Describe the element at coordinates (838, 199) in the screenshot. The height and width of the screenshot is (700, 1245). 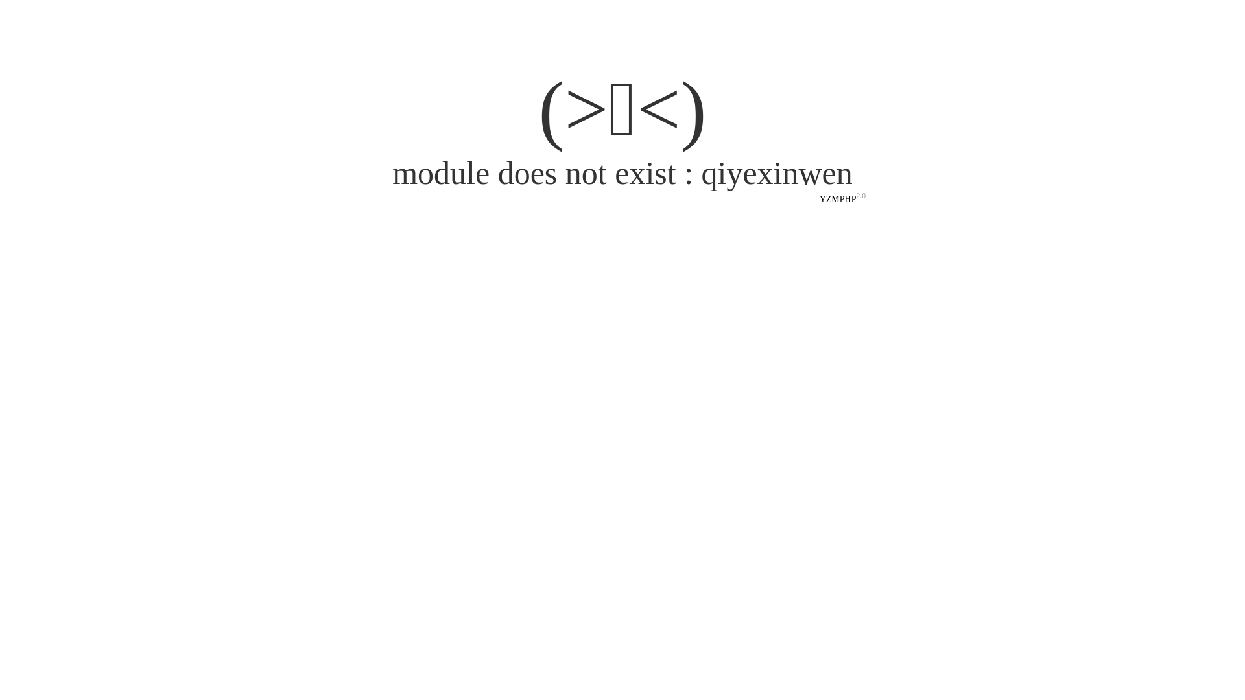
I see `'YZMPHP'` at that location.